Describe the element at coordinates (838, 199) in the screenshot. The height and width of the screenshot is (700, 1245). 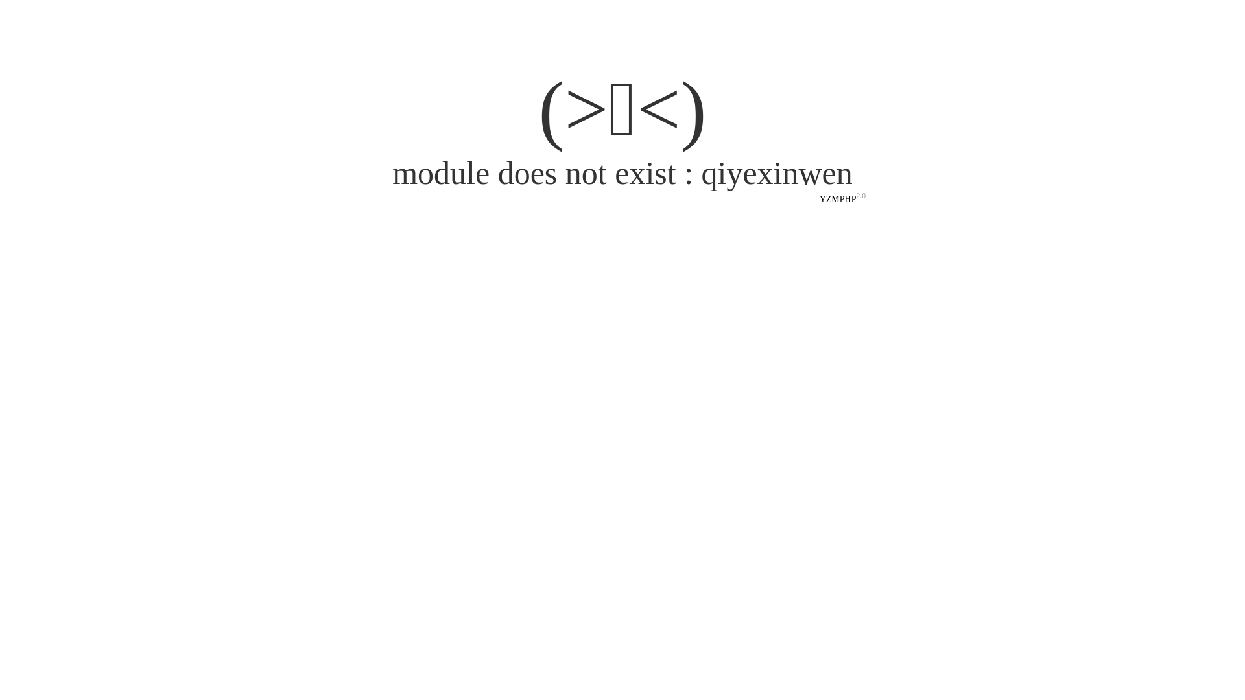
I see `'YZMPHP'` at that location.